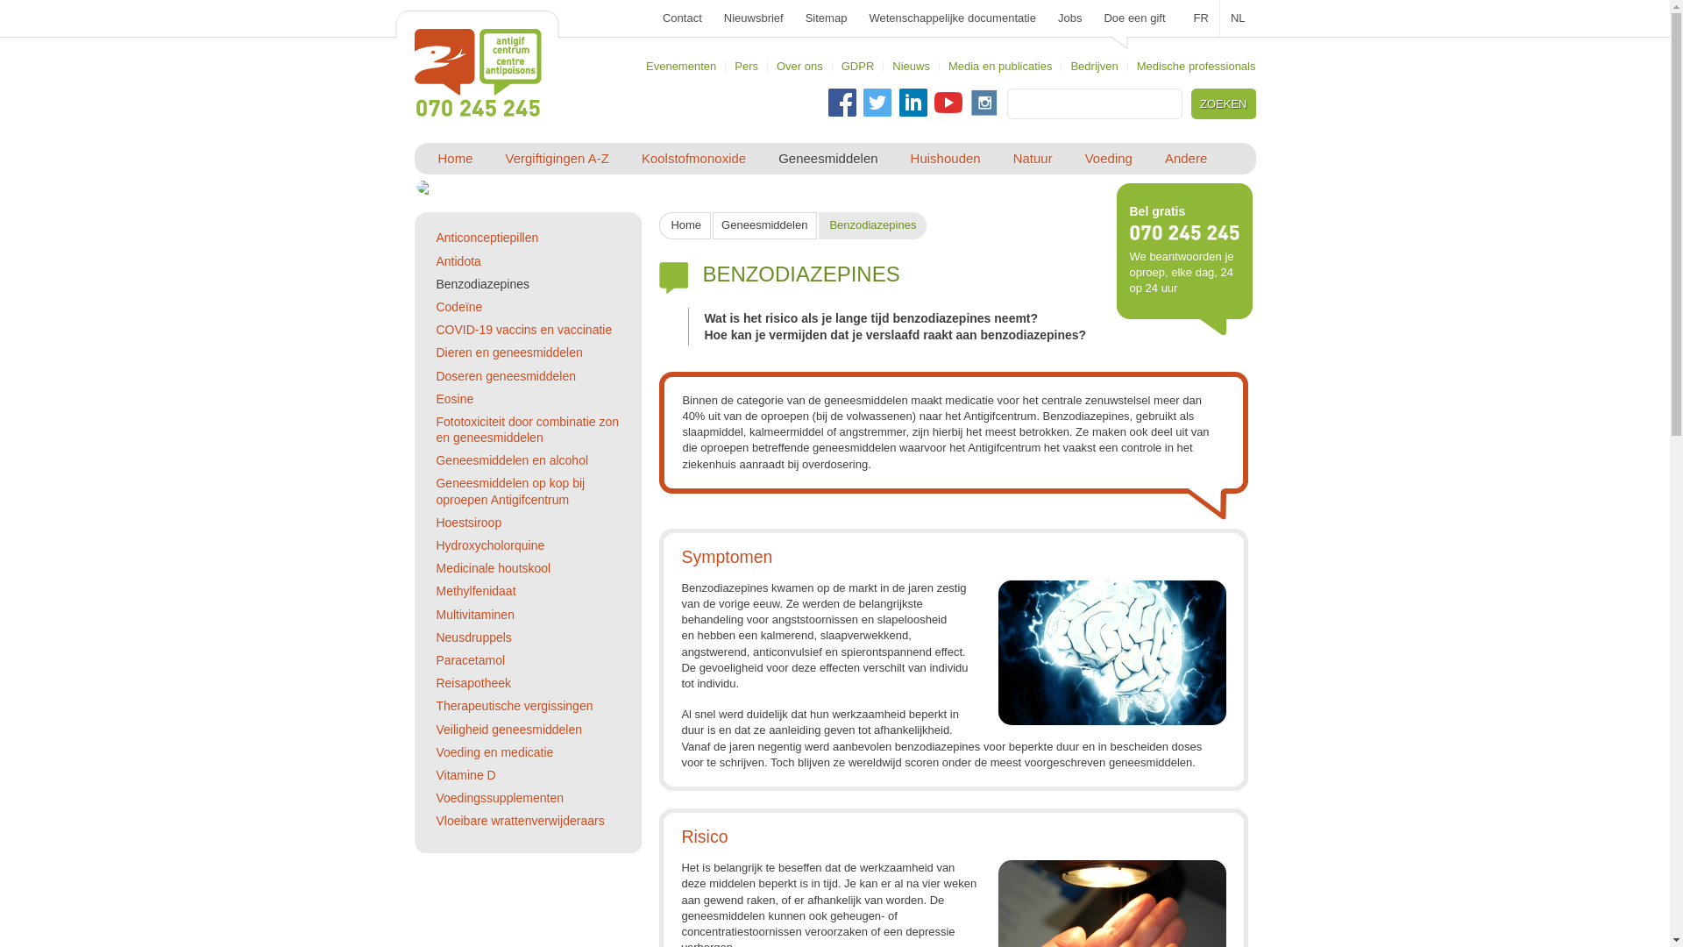  I want to click on 'Geneesmiddelen op kop bij oproepen Antigifcentrum', so click(508, 490).